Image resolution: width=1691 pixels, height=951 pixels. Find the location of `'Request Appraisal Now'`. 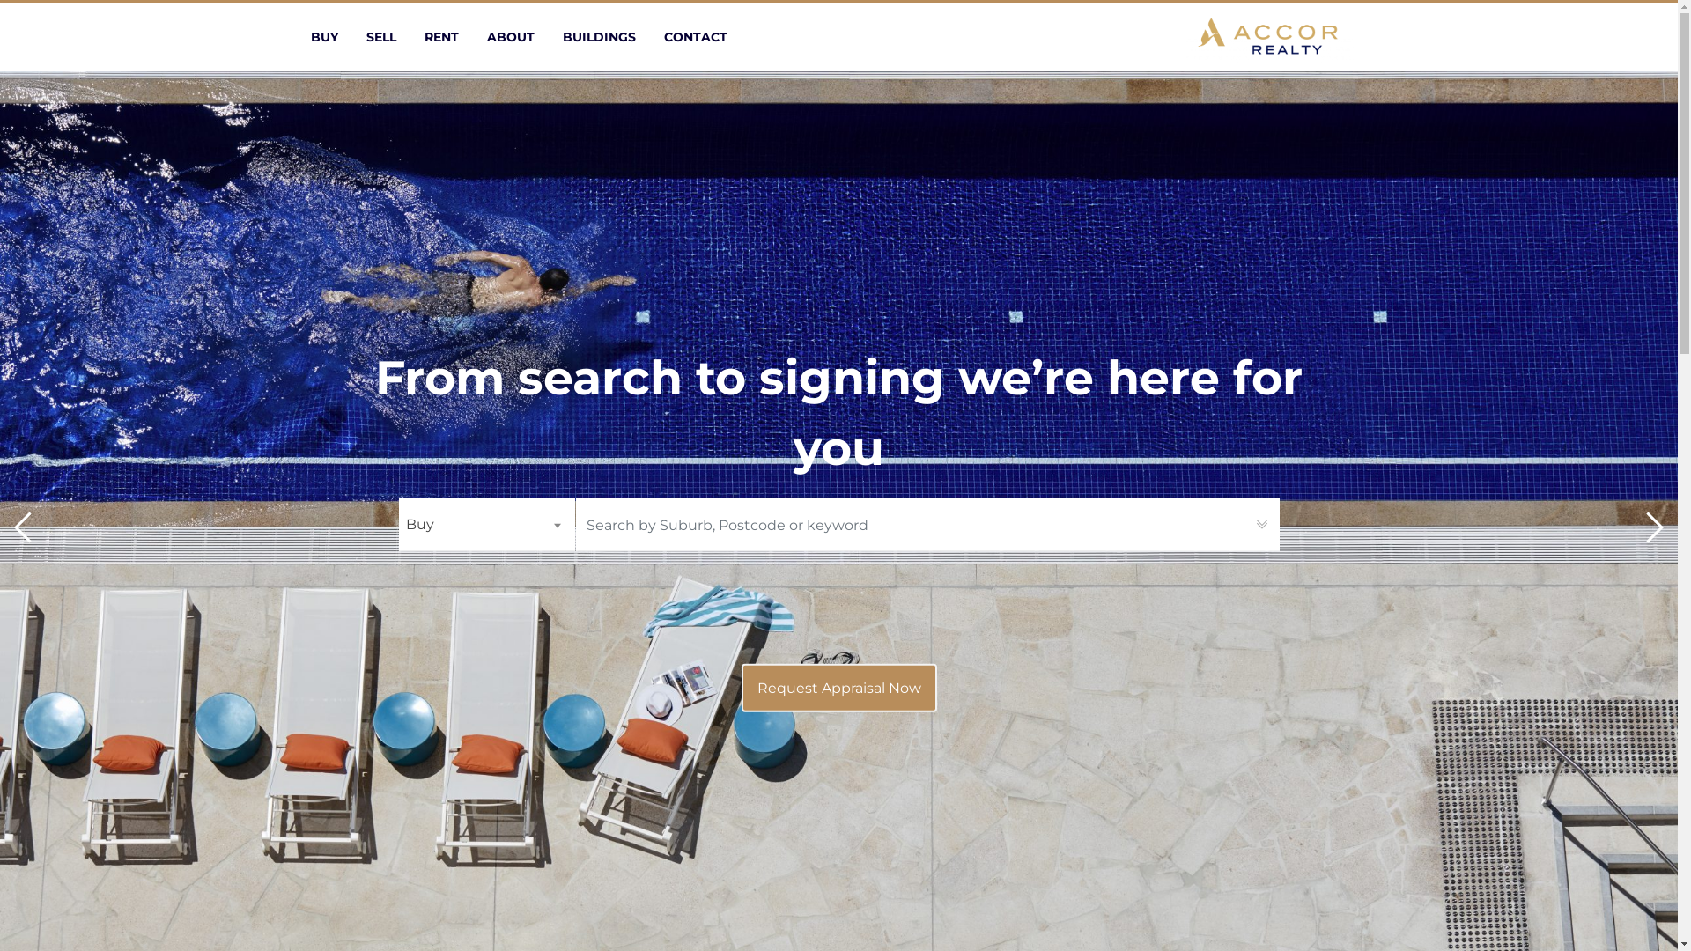

'Request Appraisal Now' is located at coordinates (838, 687).